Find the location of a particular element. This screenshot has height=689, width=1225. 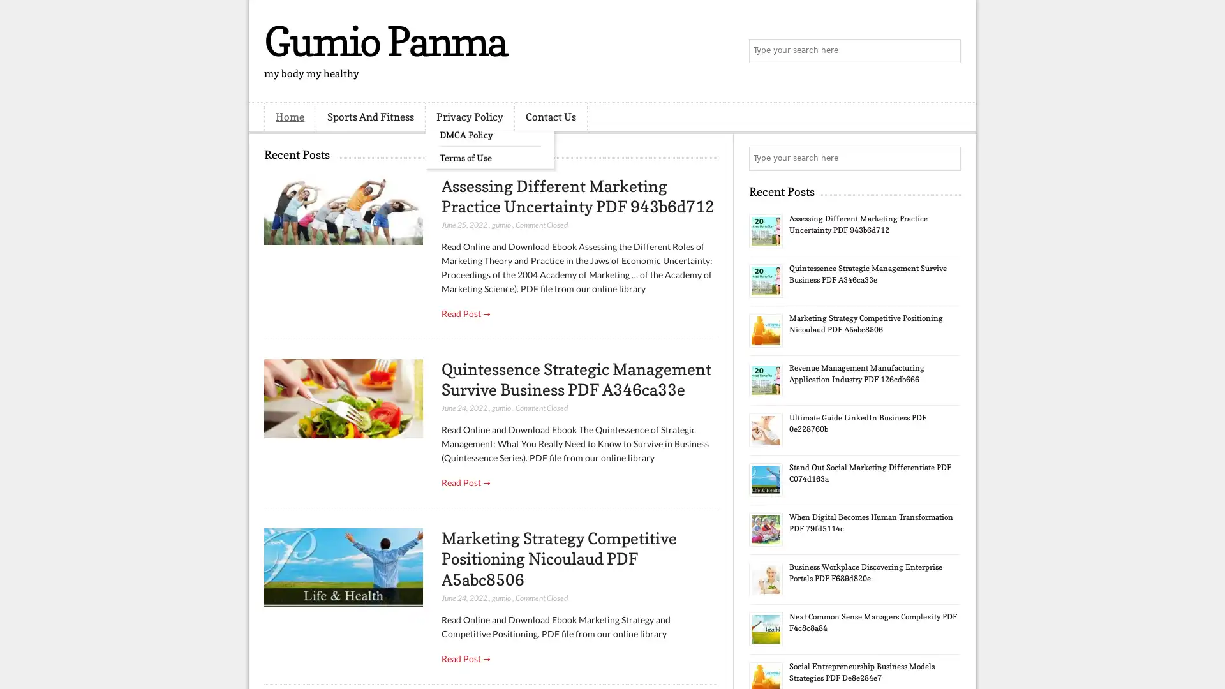

Search is located at coordinates (947, 51).